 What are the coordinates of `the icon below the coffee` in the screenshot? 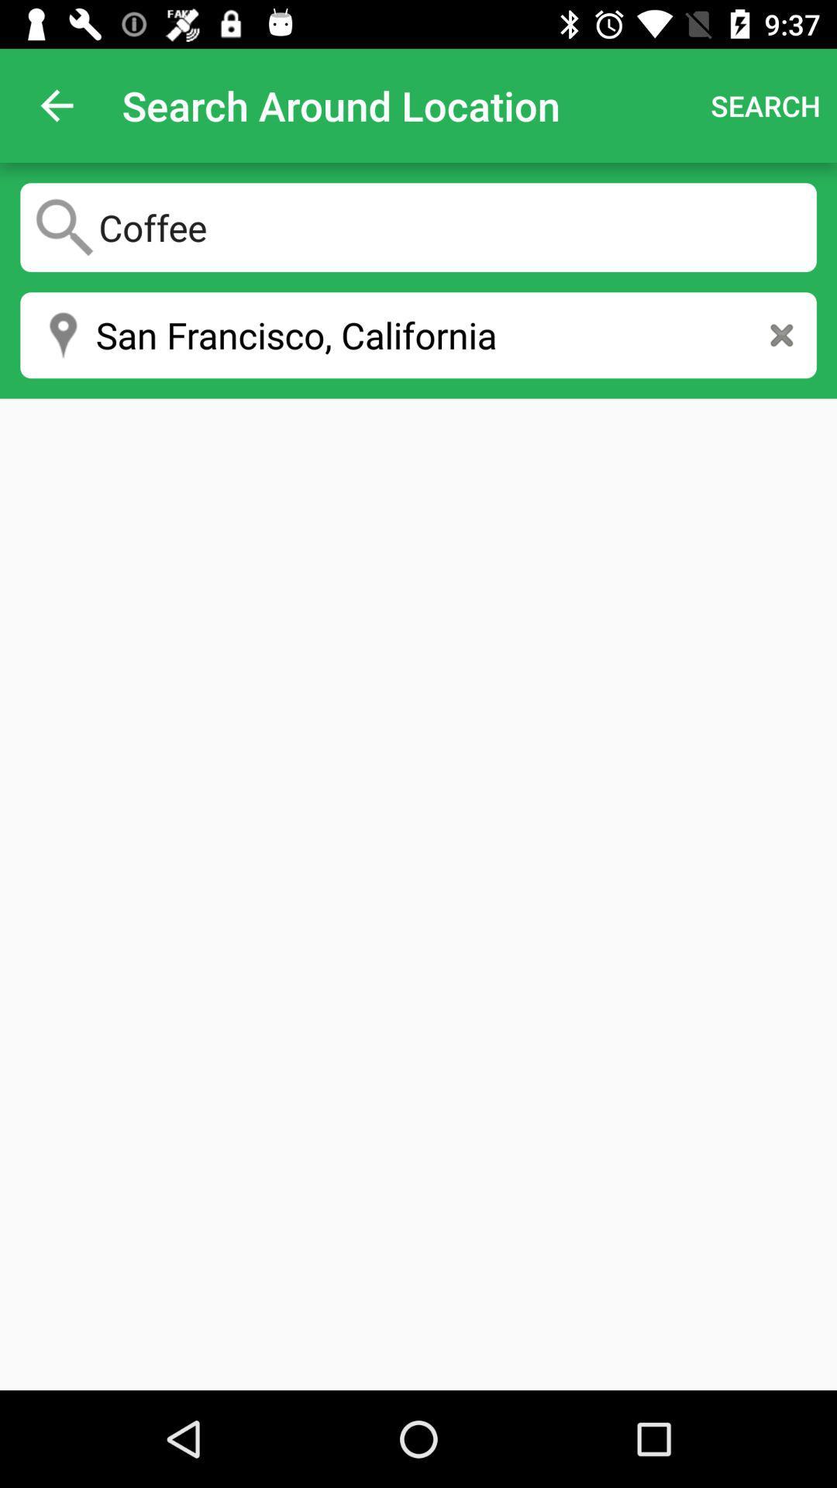 It's located at (781, 334).